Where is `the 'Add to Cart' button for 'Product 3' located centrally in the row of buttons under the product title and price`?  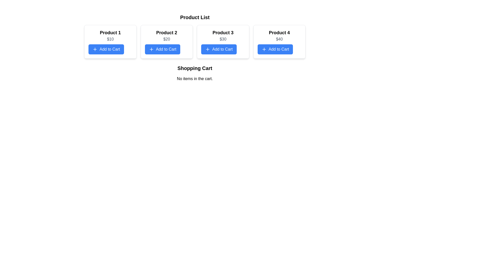 the 'Add to Cart' button for 'Product 3' located centrally in the row of buttons under the product title and price is located at coordinates (219, 49).